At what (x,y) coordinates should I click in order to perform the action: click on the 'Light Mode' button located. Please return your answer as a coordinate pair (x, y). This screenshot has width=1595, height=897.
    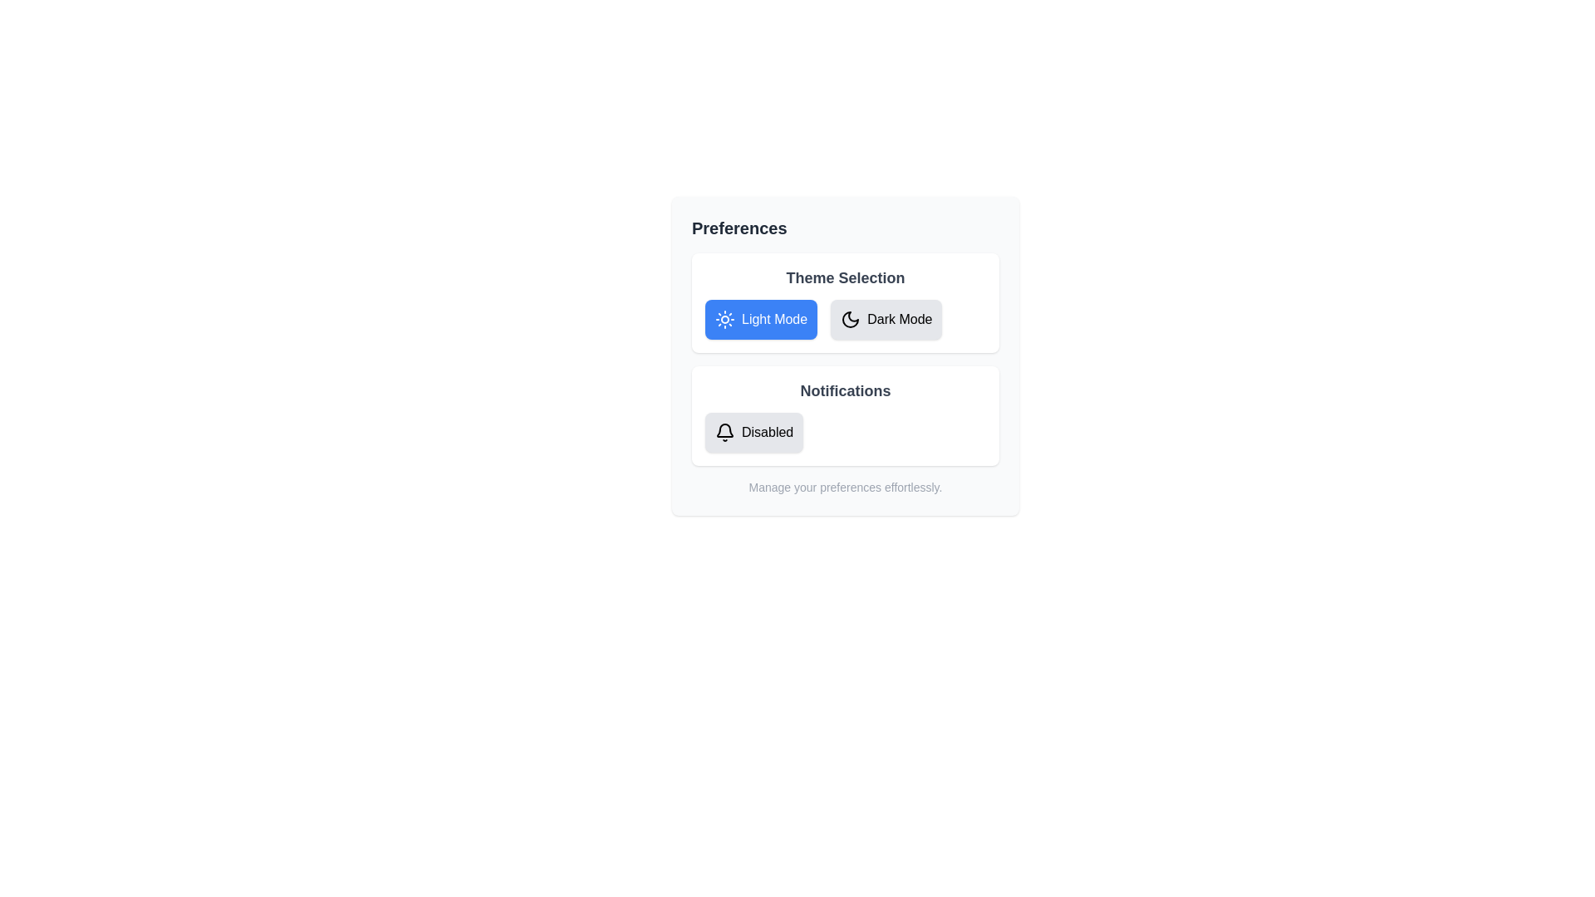
    Looking at the image, I should click on (760, 320).